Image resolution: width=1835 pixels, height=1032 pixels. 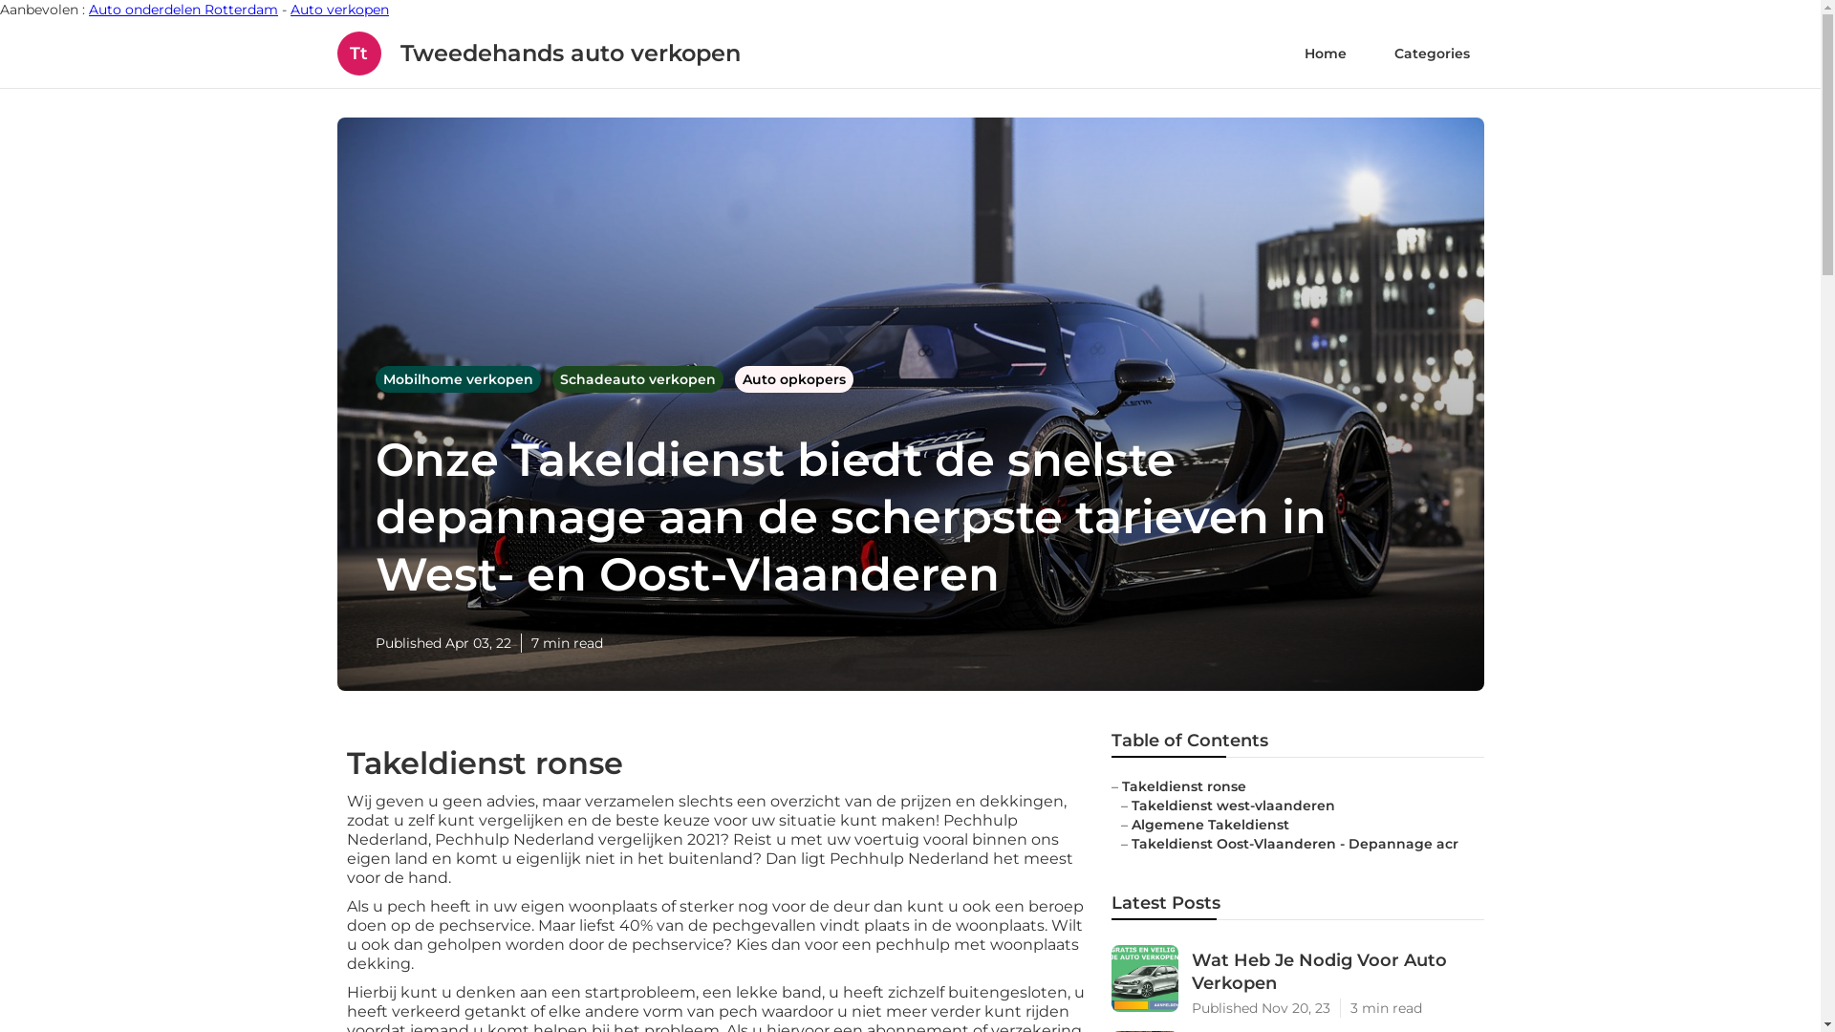 I want to click on 'Auto onderdelen Rotterdam', so click(x=183, y=10).